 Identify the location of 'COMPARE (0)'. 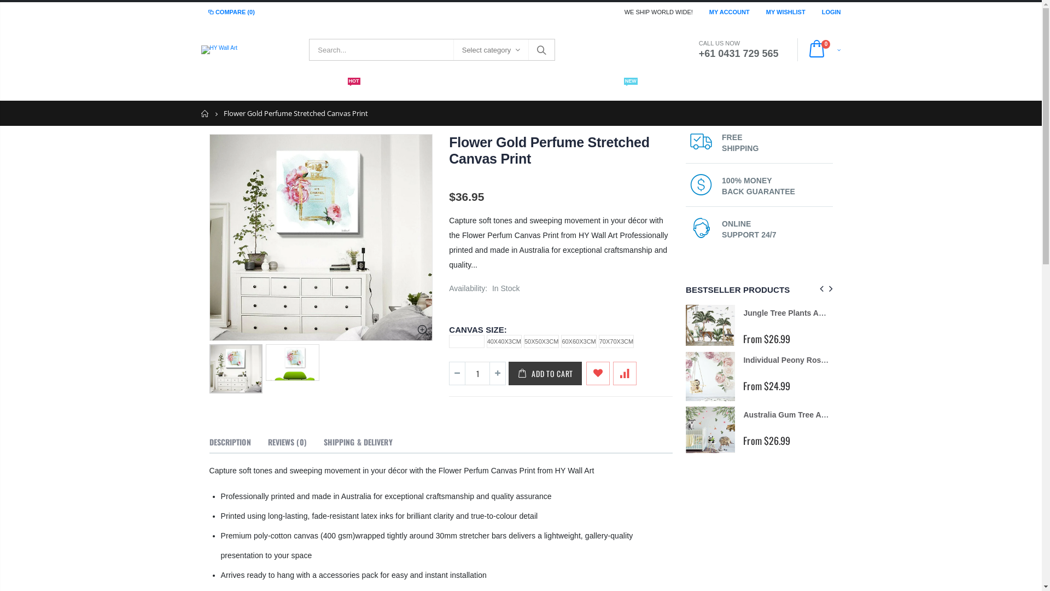
(230, 12).